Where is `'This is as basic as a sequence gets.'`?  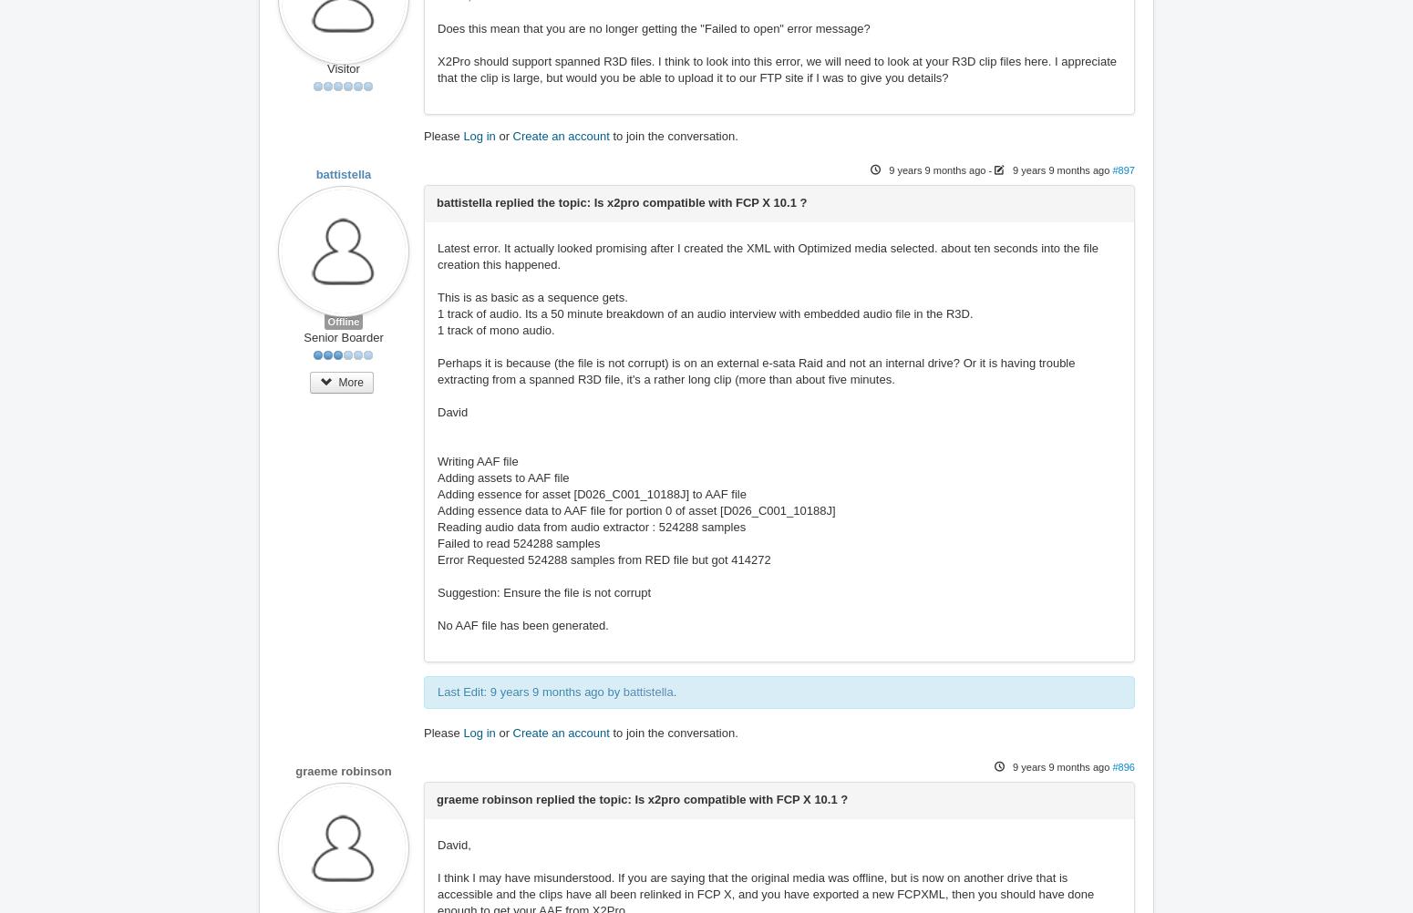
'This is as basic as a sequence gets.' is located at coordinates (437, 296).